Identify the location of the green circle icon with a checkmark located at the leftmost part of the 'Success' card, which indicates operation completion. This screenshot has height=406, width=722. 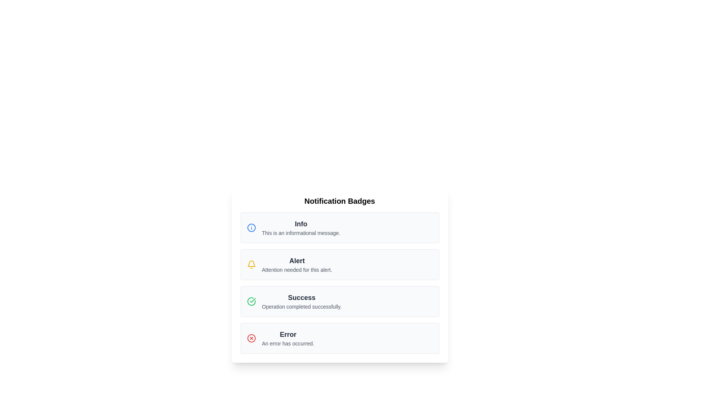
(251, 301).